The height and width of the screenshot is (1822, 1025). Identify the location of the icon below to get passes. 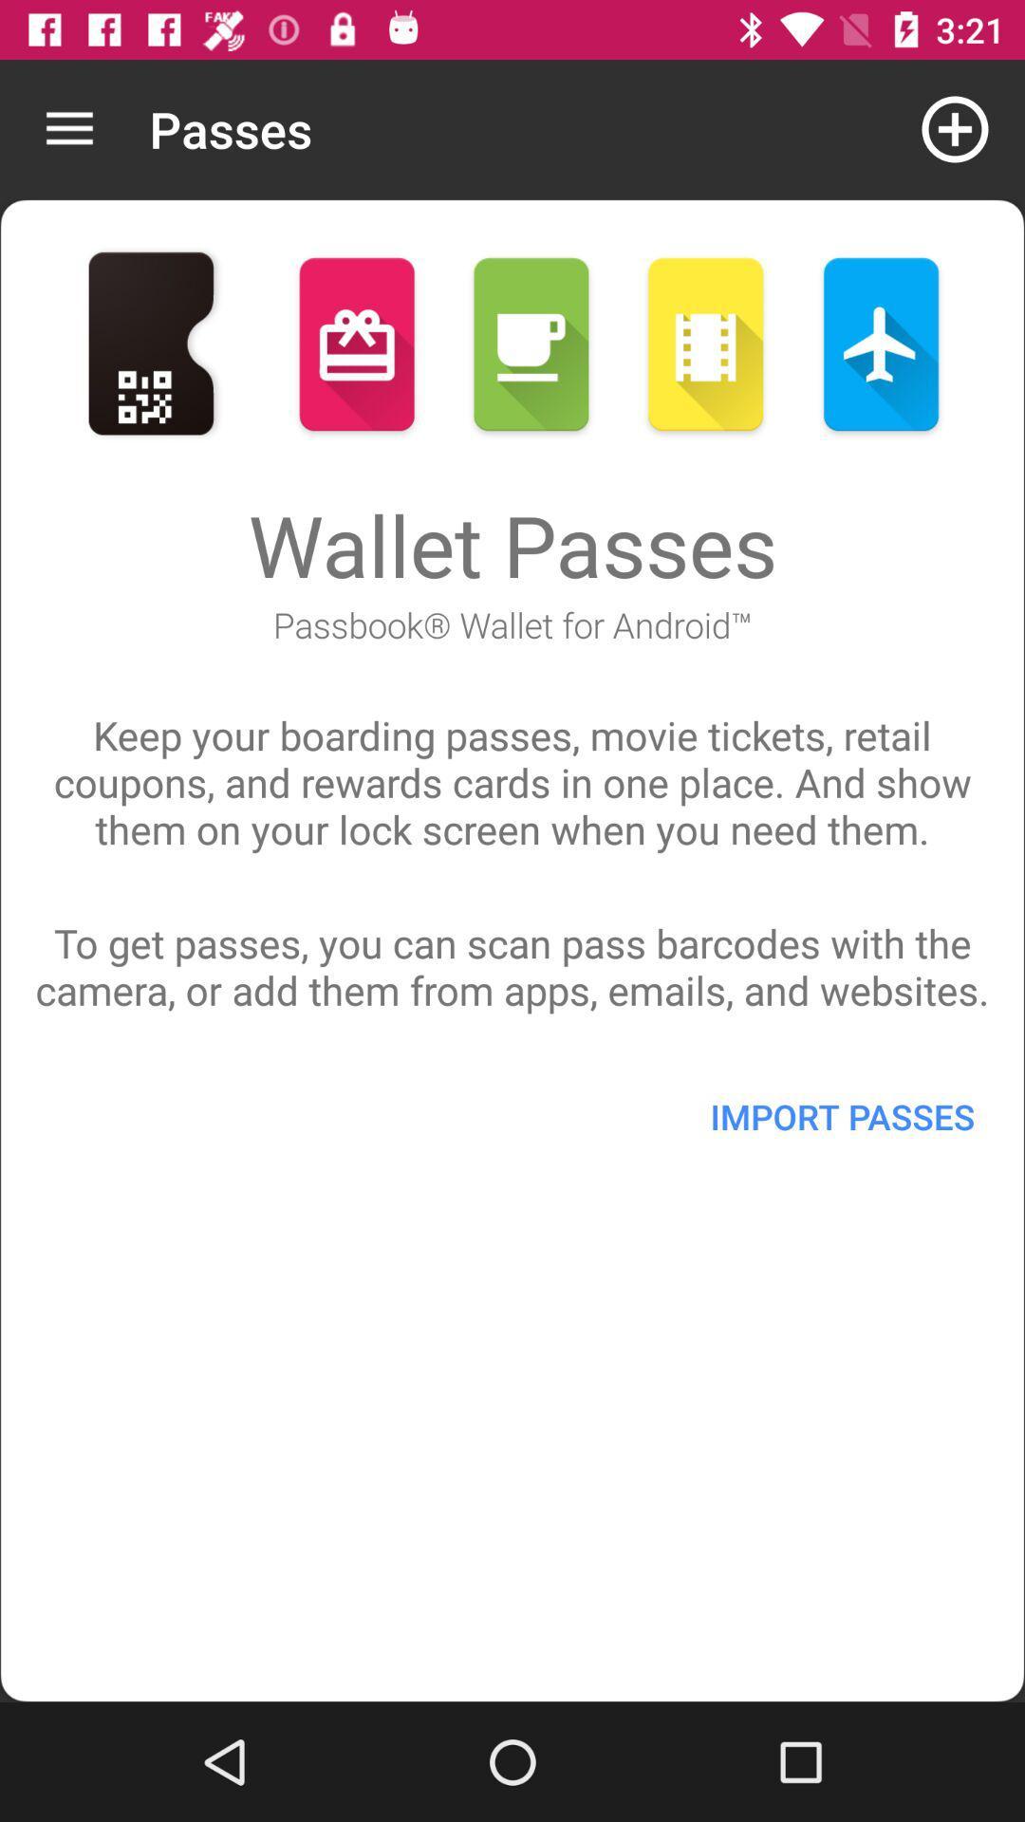
(841, 1116).